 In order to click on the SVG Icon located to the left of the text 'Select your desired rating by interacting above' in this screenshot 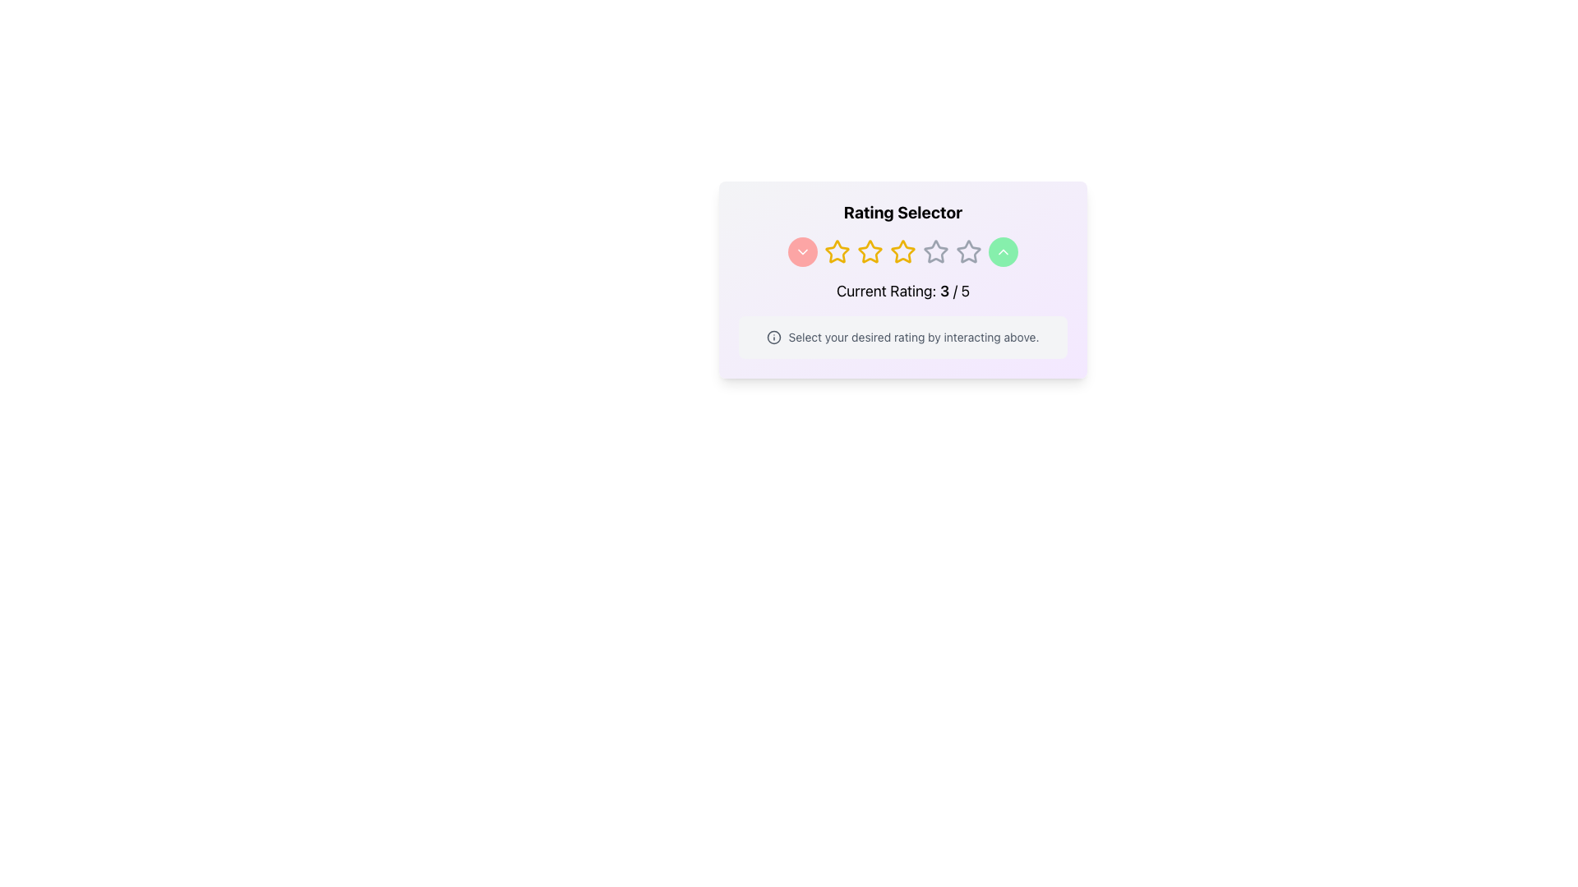, I will do `click(773, 337)`.